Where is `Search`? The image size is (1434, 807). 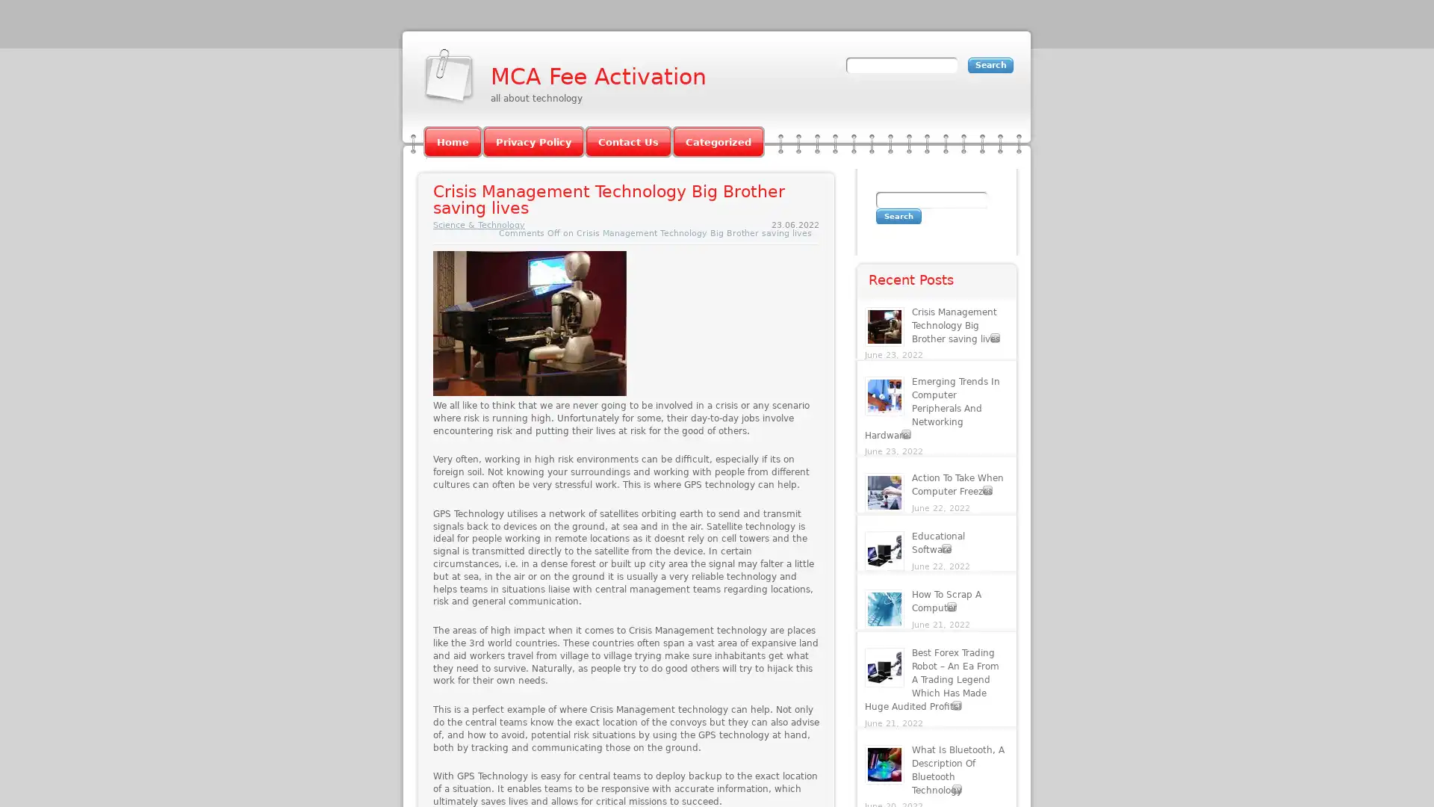 Search is located at coordinates (990, 64).